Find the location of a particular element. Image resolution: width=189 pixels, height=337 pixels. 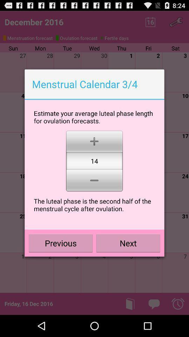

decrease count is located at coordinates (94, 181).